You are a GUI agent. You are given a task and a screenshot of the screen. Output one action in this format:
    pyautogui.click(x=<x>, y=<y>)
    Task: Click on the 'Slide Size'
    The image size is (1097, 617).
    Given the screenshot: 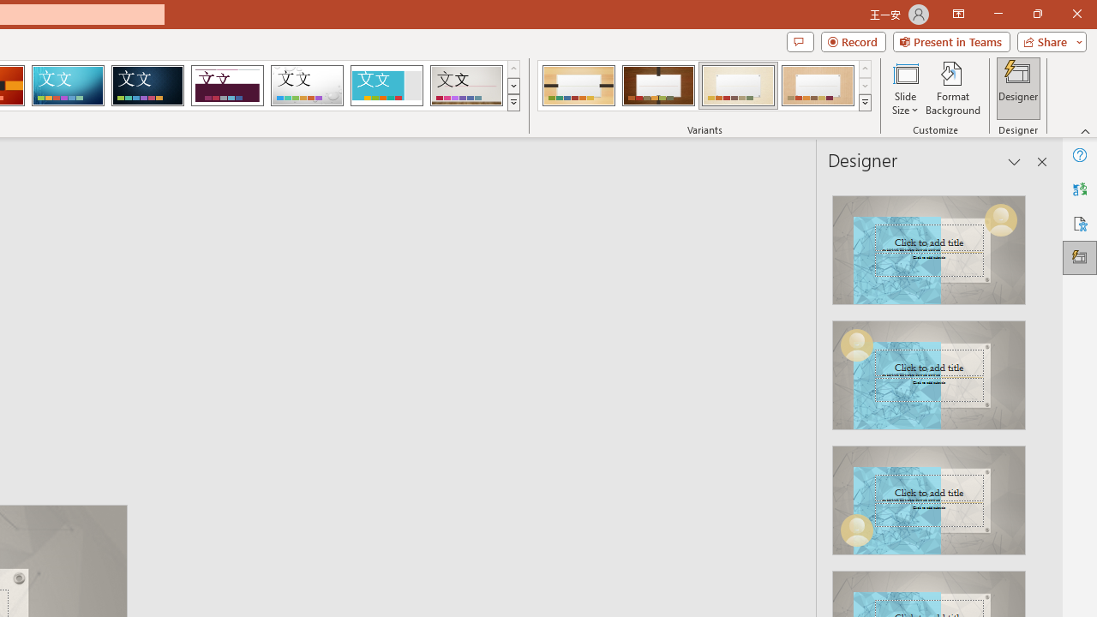 What is the action you would take?
    pyautogui.click(x=904, y=88)
    